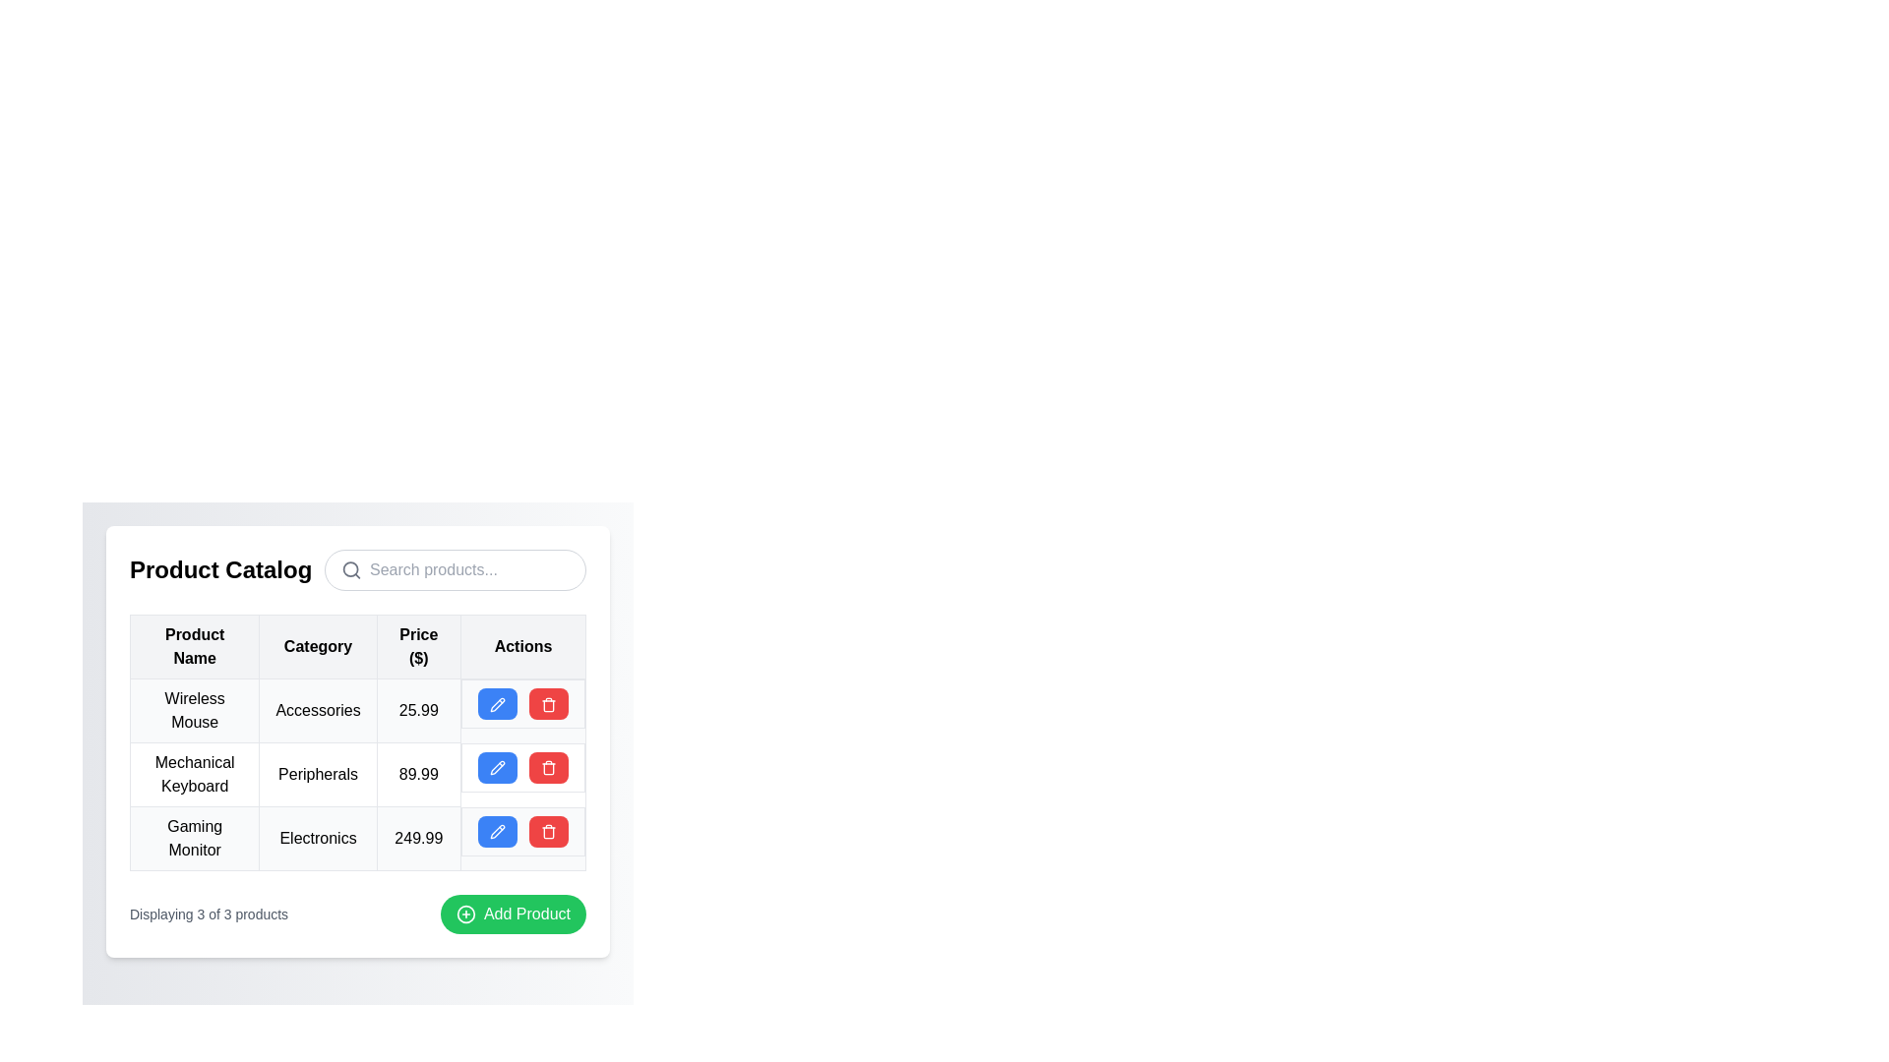 The image size is (1889, 1062). I want to click on the search icon located on the right side of the composite UI component that combines a header and a search input field, which serves as the product catalog search functionality, so click(358, 569).